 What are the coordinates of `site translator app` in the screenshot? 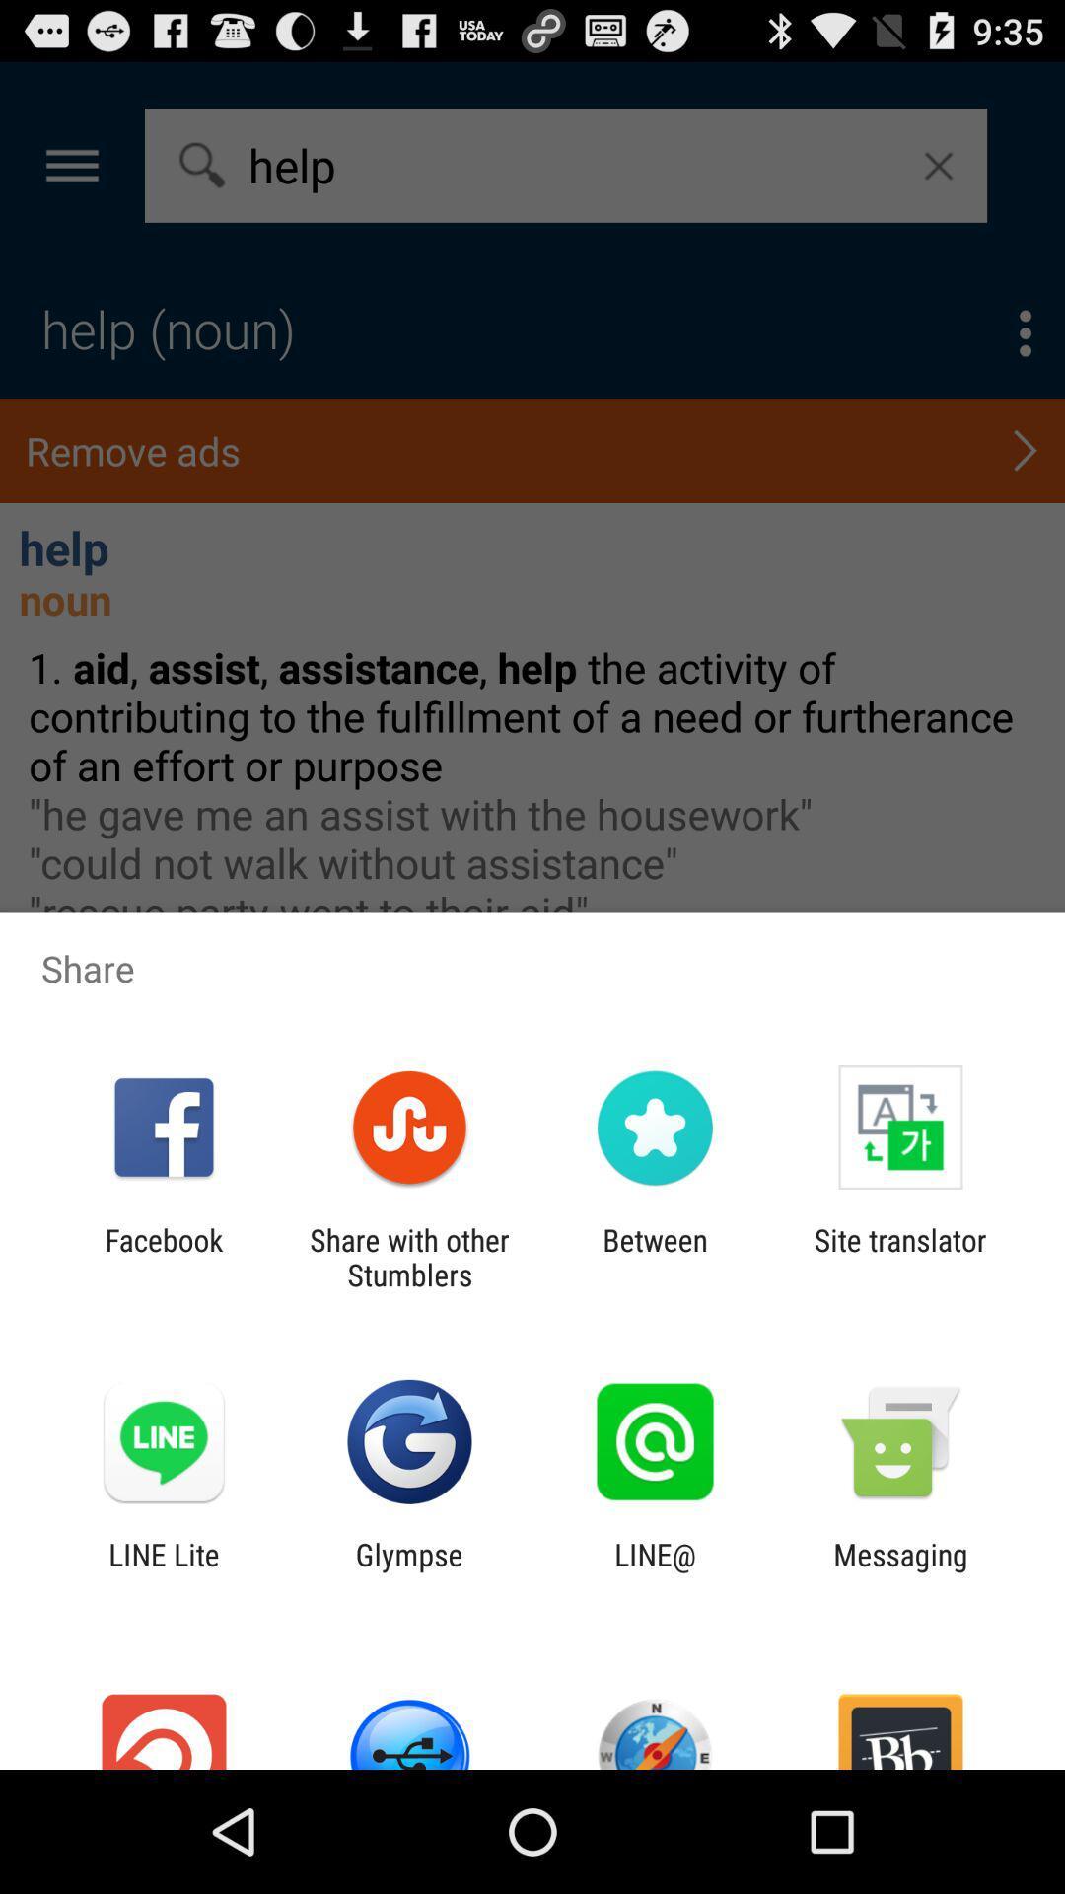 It's located at (900, 1257).